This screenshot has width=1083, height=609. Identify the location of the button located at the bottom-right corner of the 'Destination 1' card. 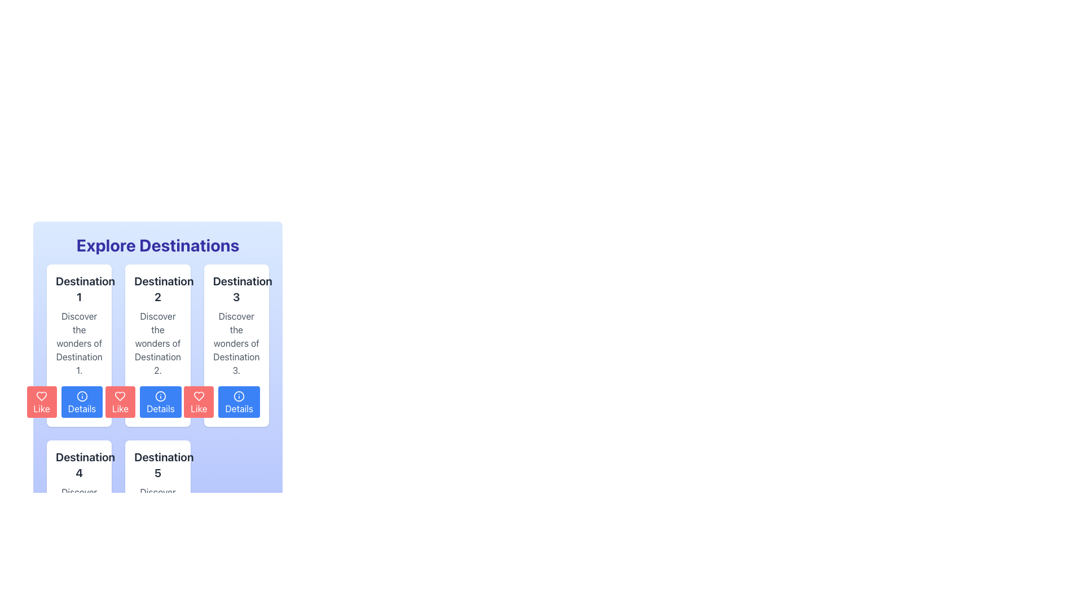
(78, 401).